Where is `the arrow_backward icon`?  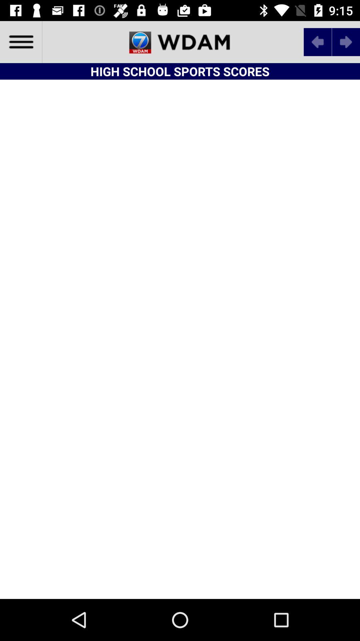
the arrow_backward icon is located at coordinates (317, 41).